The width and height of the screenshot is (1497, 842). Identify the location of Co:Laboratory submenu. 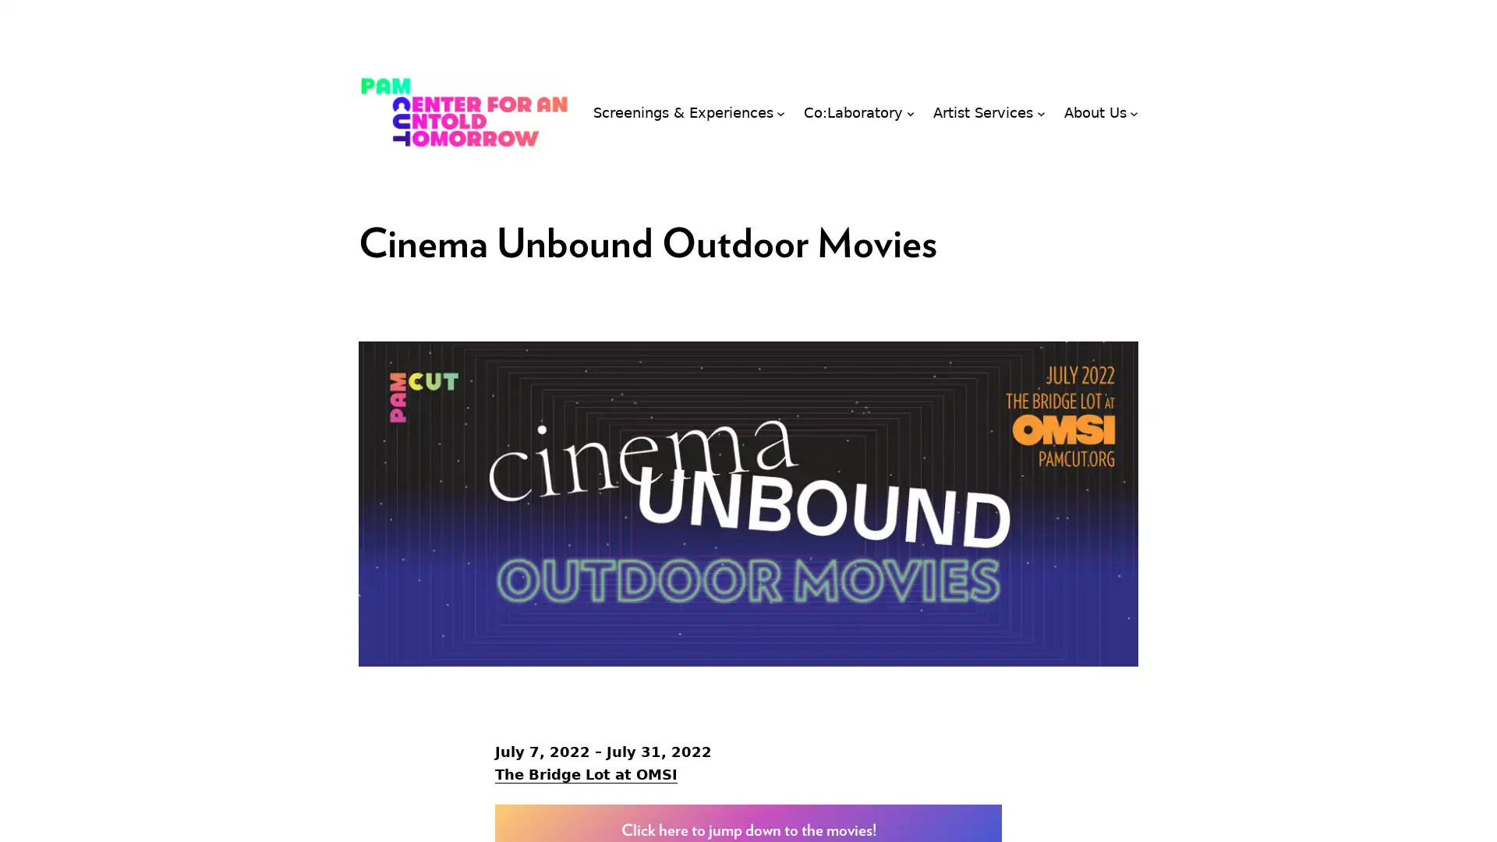
(910, 111).